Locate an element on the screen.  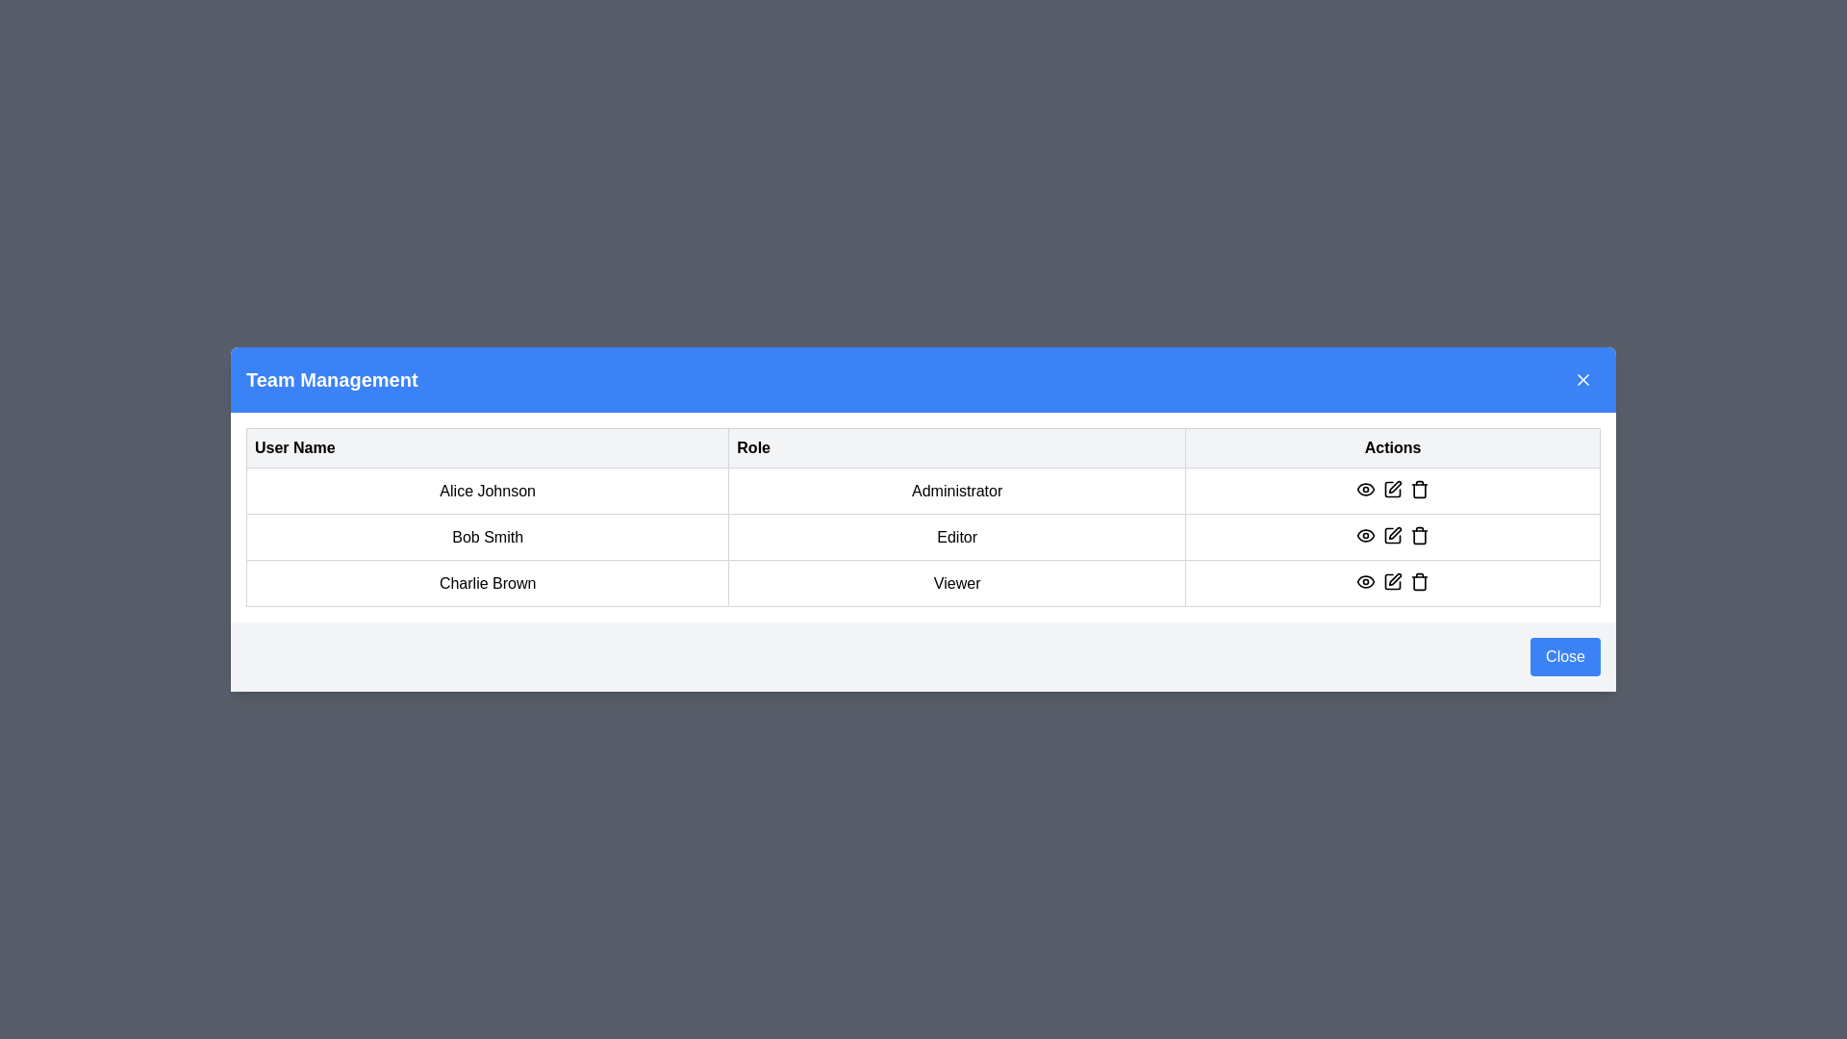
the eye-shaped icon in the last row of the 'Actions' column is located at coordinates (1365, 581).